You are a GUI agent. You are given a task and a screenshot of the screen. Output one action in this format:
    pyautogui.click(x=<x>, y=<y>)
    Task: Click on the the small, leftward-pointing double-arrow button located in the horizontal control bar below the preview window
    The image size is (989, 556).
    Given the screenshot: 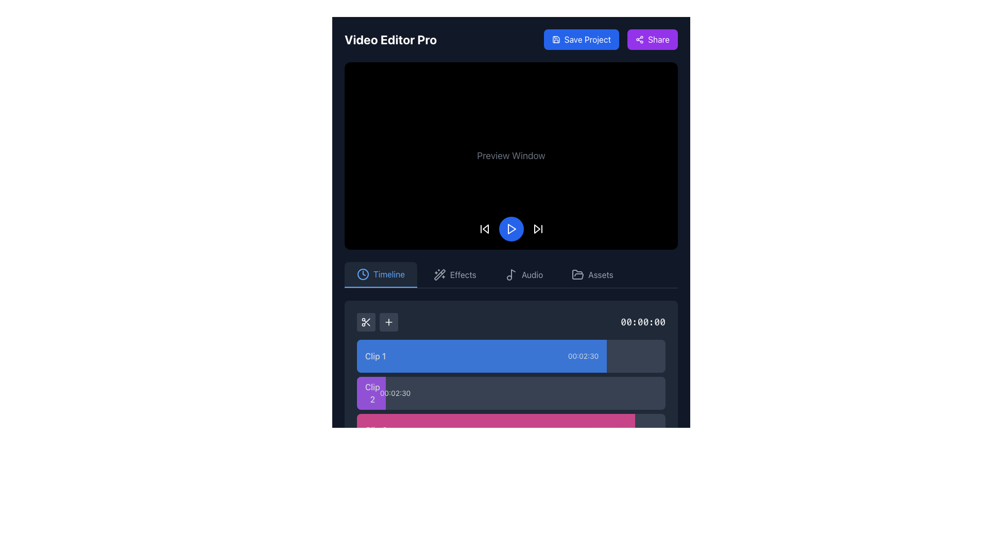 What is the action you would take?
    pyautogui.click(x=484, y=228)
    